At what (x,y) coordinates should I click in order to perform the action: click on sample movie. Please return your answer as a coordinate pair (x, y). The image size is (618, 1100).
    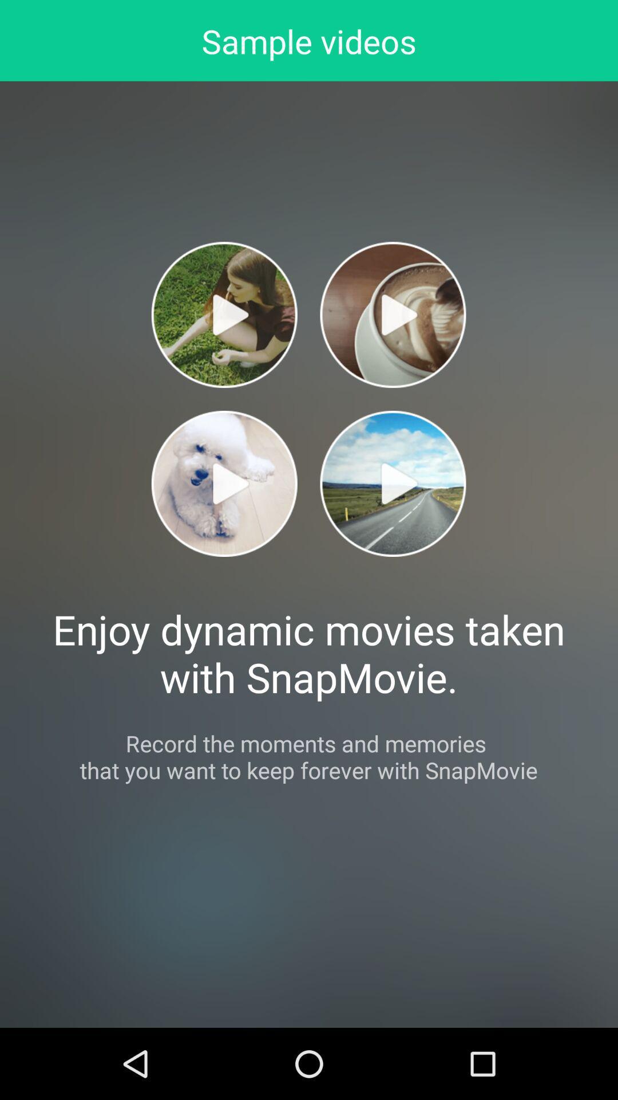
    Looking at the image, I should click on (392, 484).